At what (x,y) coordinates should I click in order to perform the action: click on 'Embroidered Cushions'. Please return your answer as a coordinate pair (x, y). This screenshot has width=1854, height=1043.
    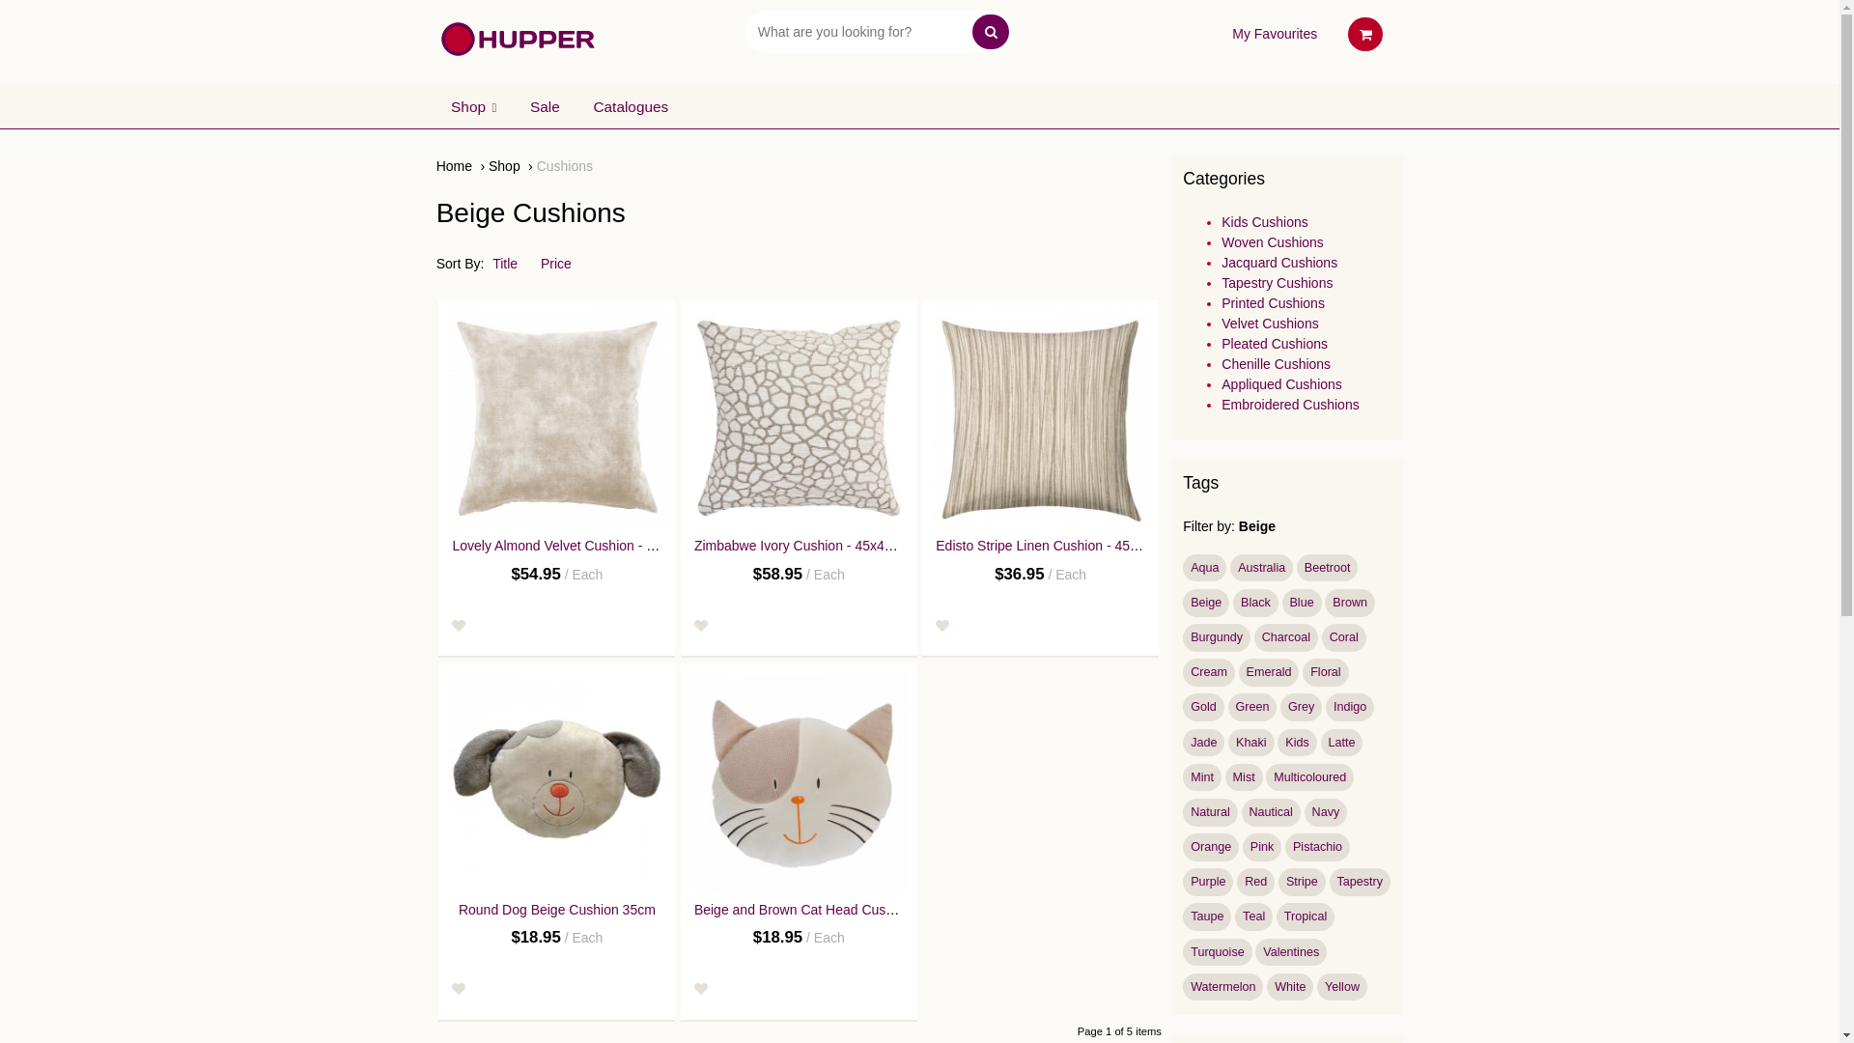
    Looking at the image, I should click on (1289, 404).